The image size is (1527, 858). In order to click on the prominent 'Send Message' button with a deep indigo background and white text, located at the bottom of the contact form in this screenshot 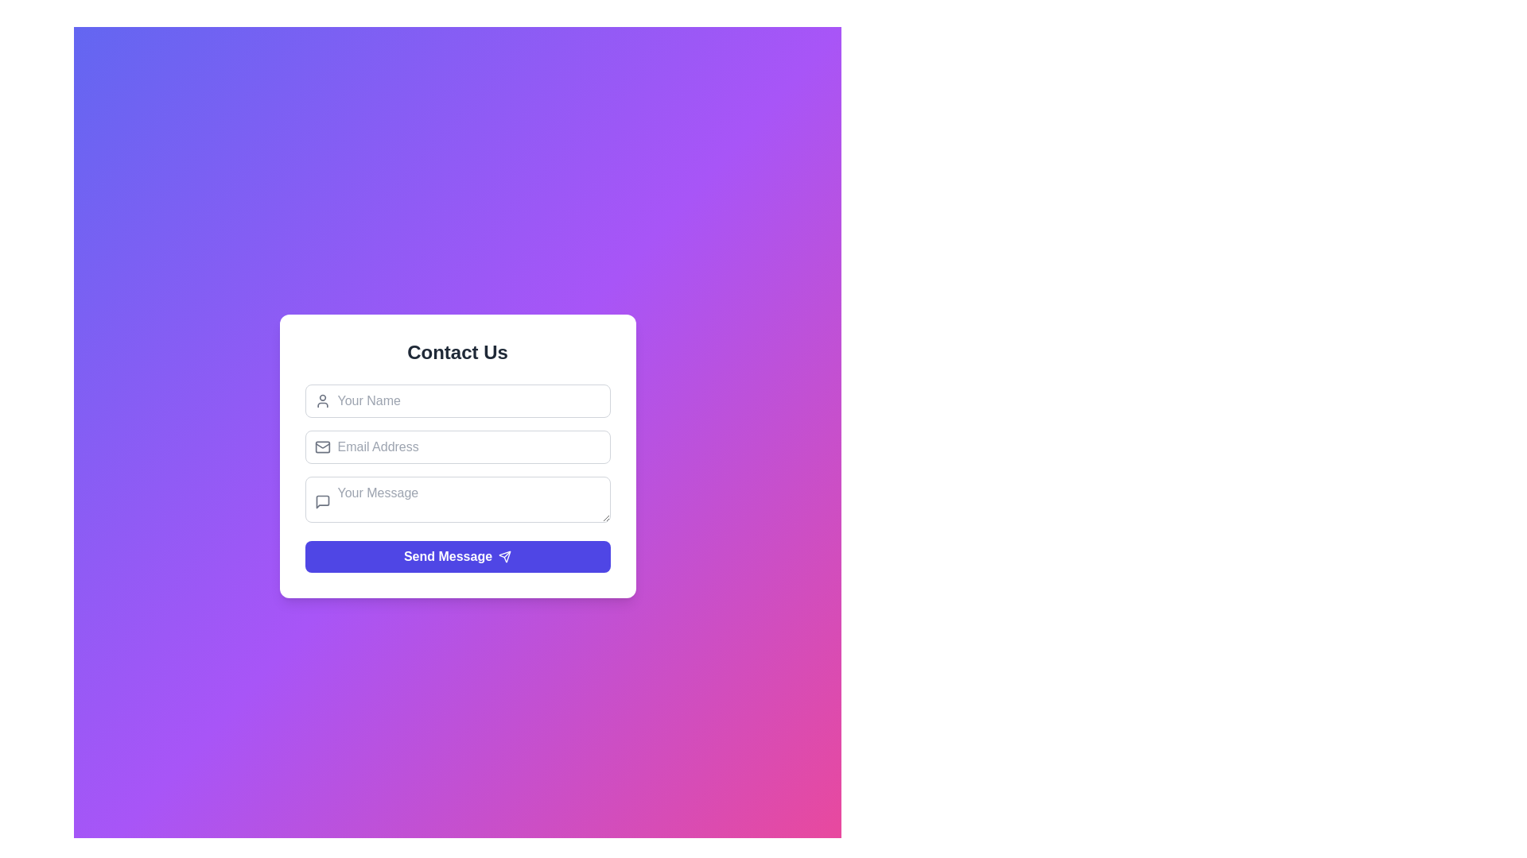, I will do `click(457, 555)`.